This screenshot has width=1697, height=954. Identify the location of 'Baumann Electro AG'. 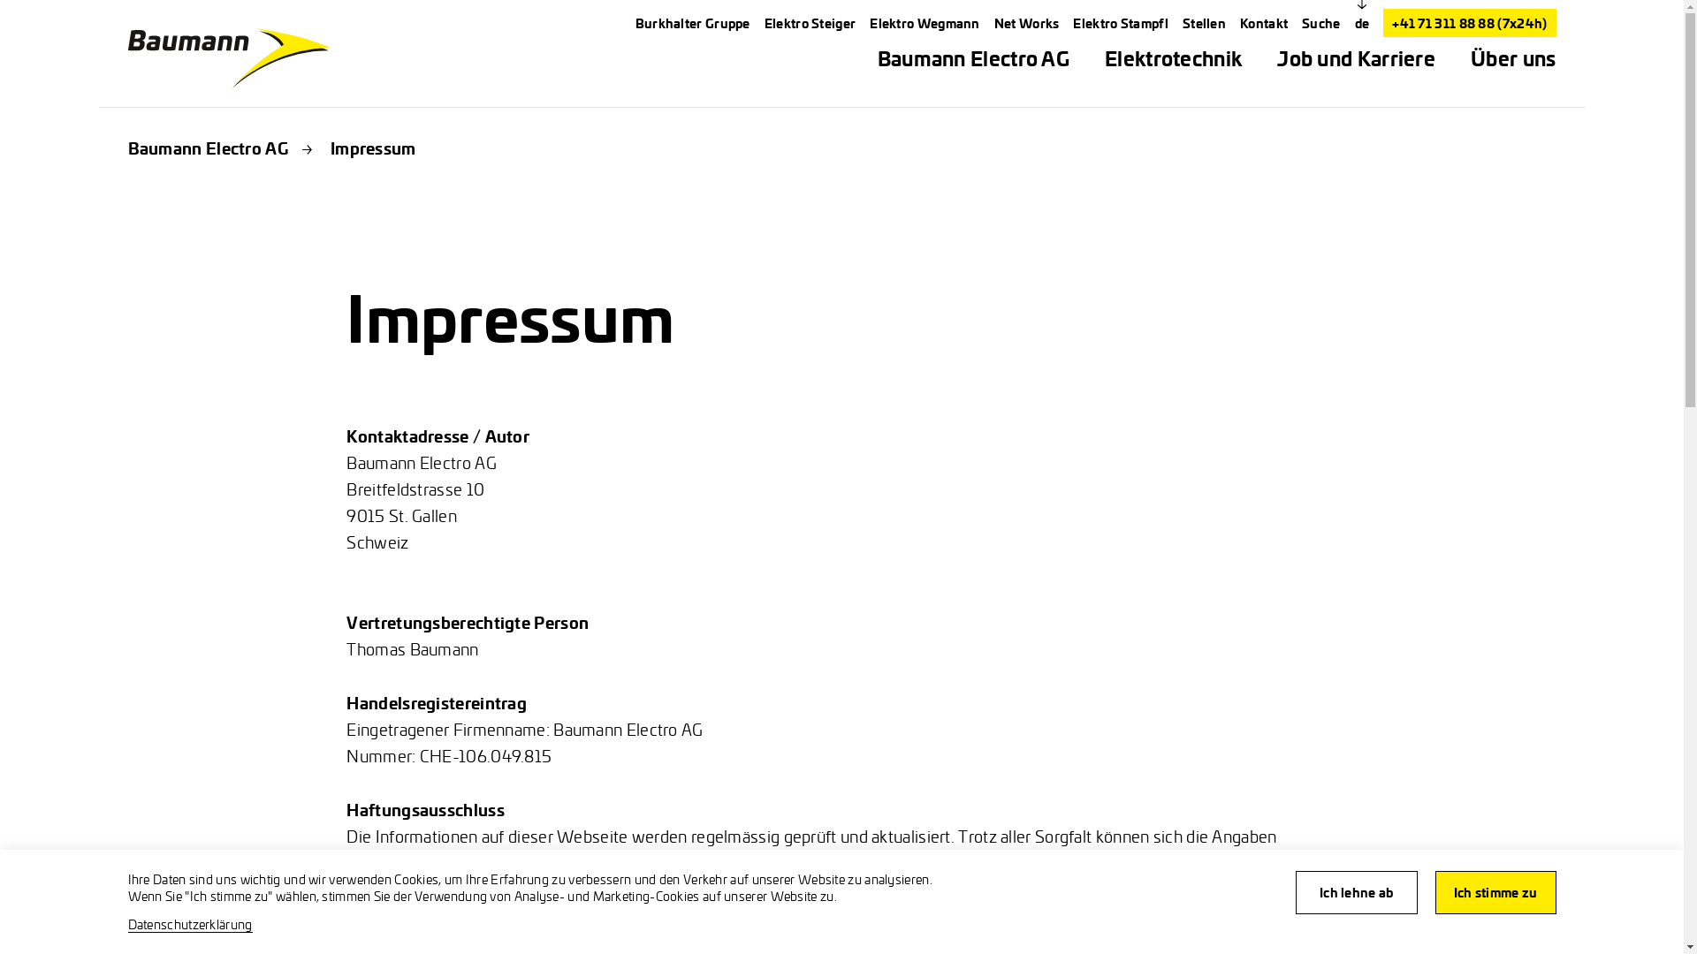
(207, 147).